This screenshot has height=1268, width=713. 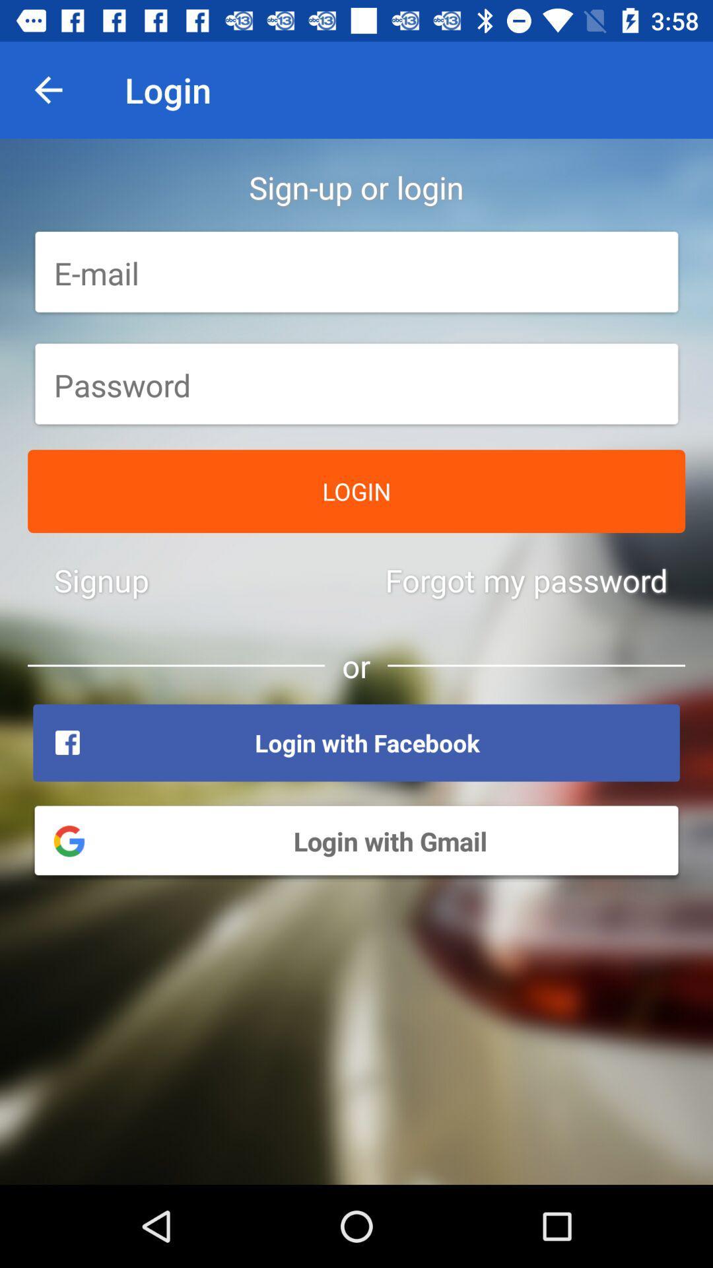 What do you see at coordinates (526, 580) in the screenshot?
I see `item next to the signup` at bounding box center [526, 580].